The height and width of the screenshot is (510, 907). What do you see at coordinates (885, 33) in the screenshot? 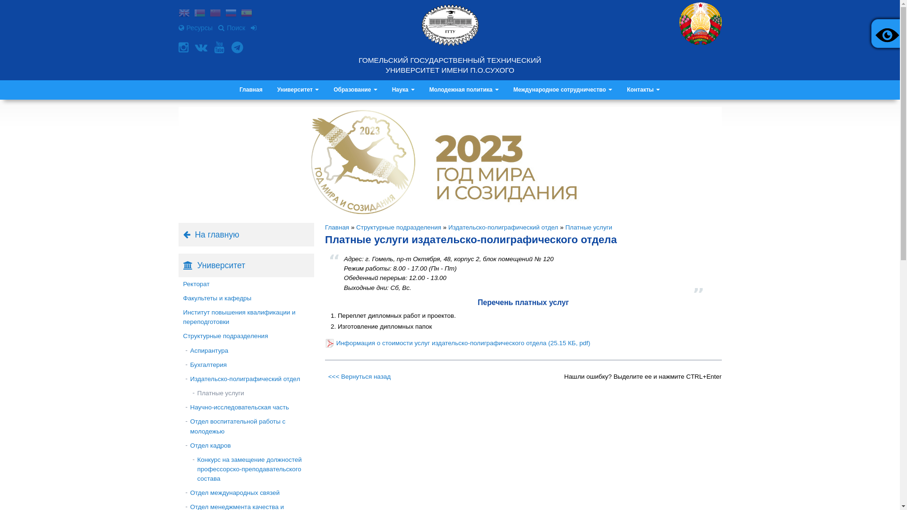
I see `'Visually impaired site version'` at bounding box center [885, 33].